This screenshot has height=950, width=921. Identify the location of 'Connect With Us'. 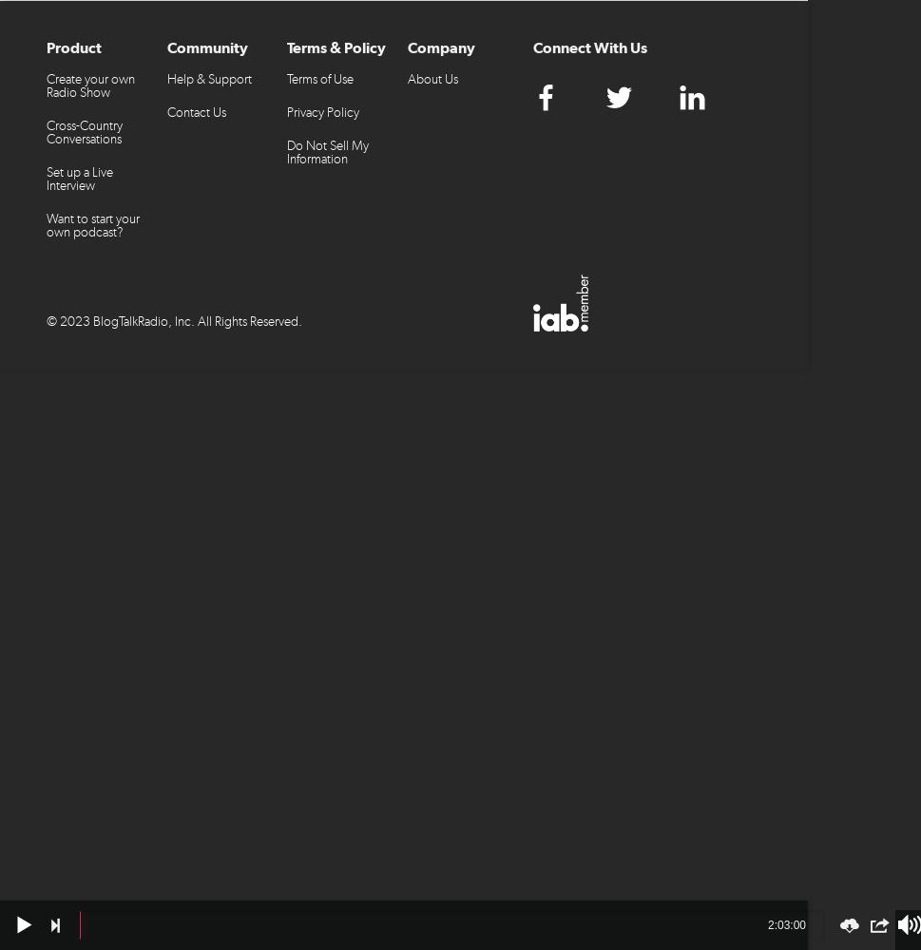
(590, 47).